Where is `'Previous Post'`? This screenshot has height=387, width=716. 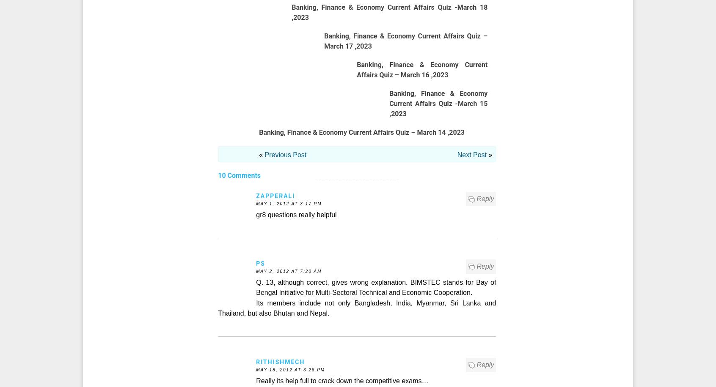
'Previous Post' is located at coordinates (285, 155).